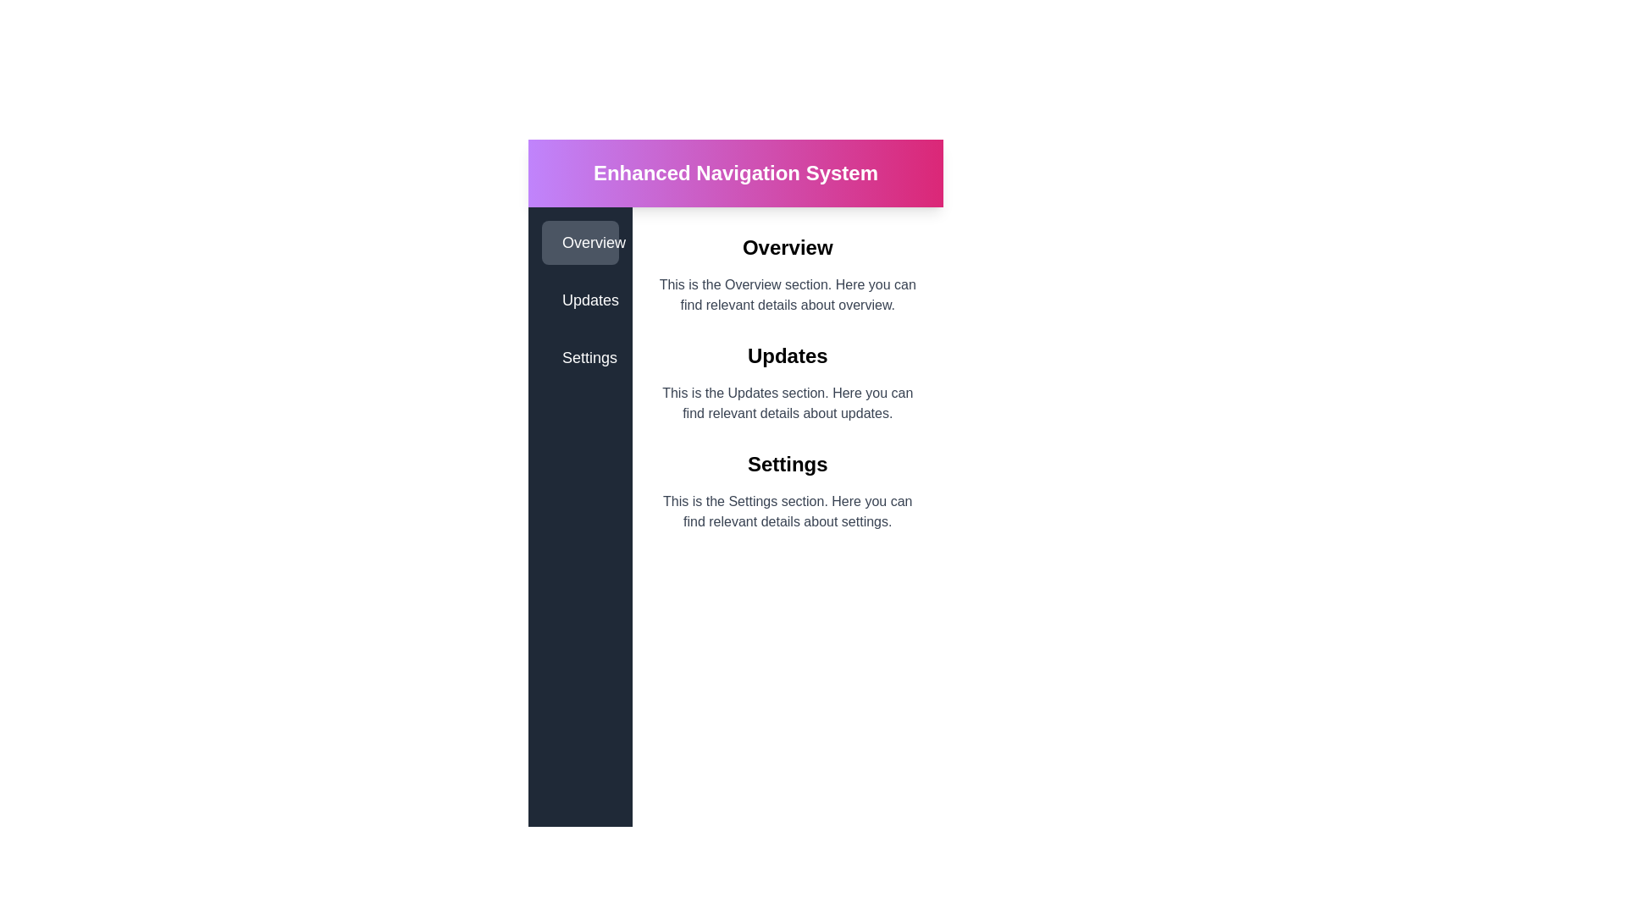 Image resolution: width=1626 pixels, height=914 pixels. What do you see at coordinates (787, 383) in the screenshot?
I see `the informational section labeled 'Updates', which includes a bold header and a paragraph of details about updates` at bounding box center [787, 383].